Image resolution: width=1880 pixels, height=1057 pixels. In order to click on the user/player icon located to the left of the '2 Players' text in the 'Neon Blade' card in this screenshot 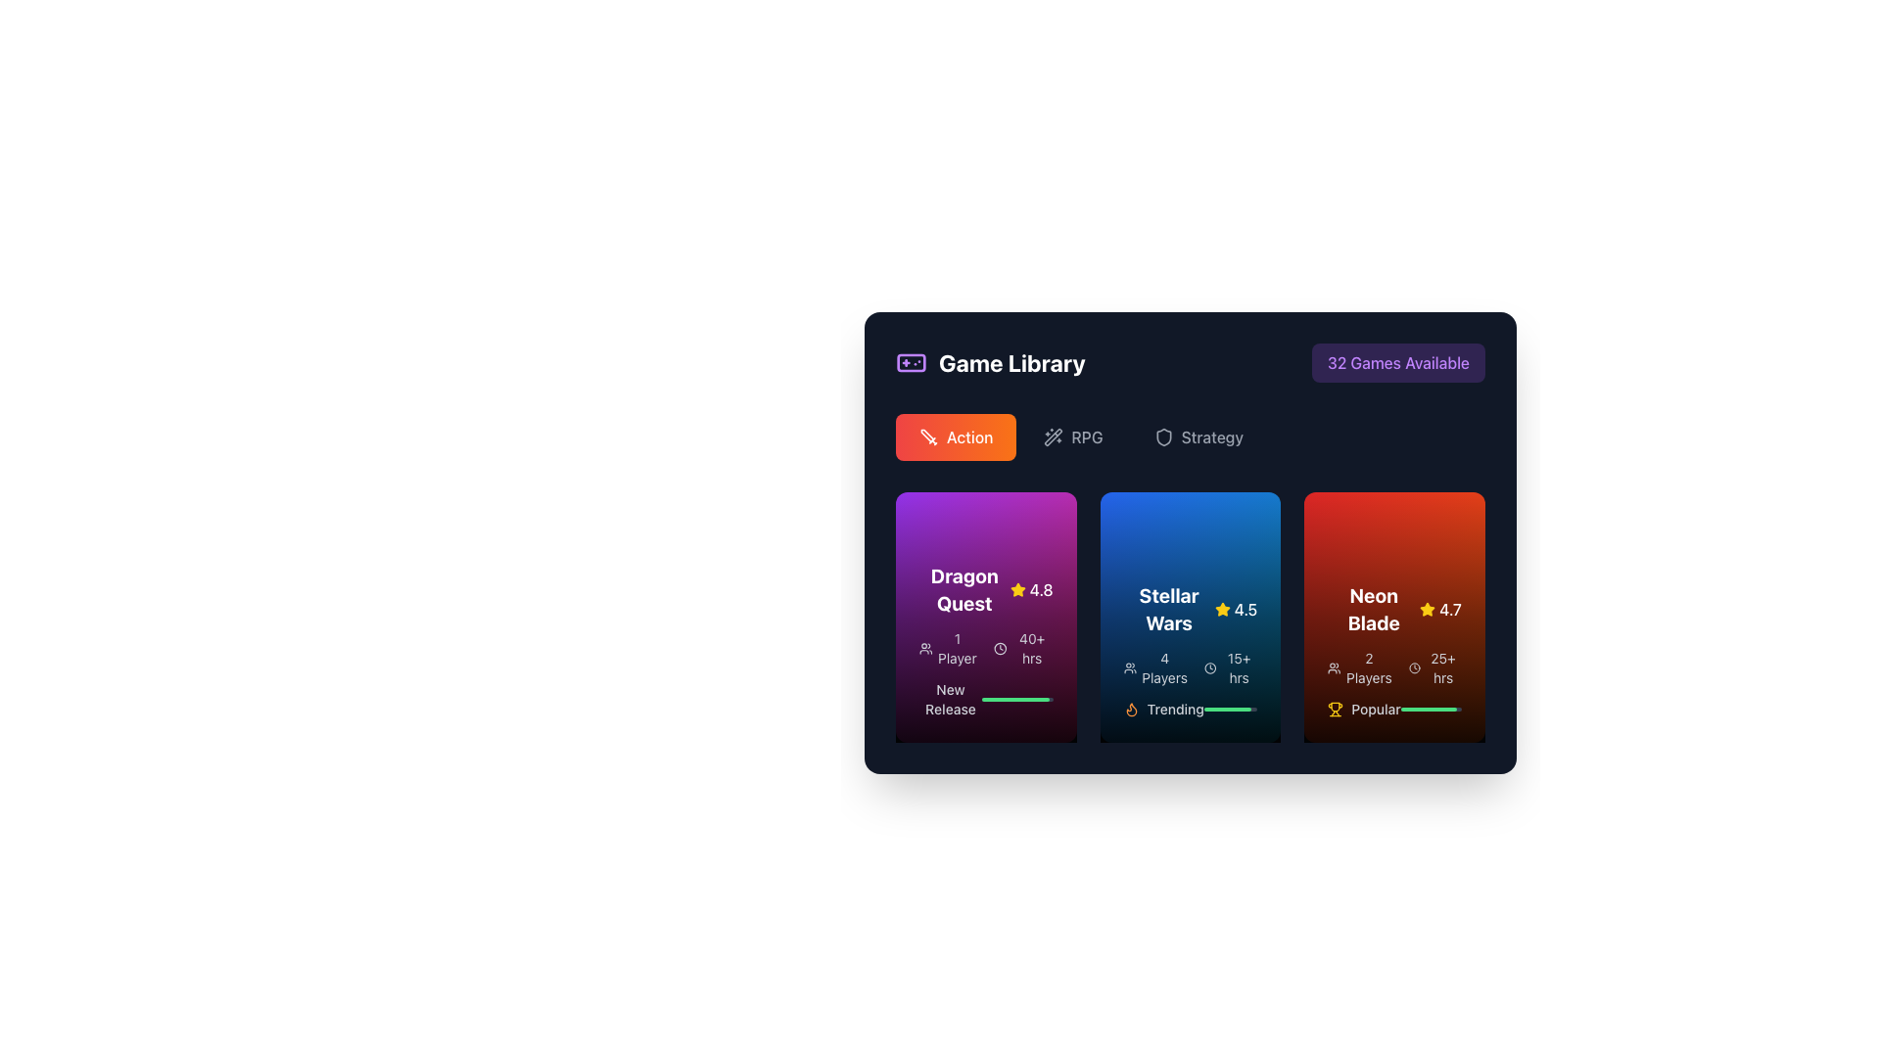, I will do `click(1334, 666)`.